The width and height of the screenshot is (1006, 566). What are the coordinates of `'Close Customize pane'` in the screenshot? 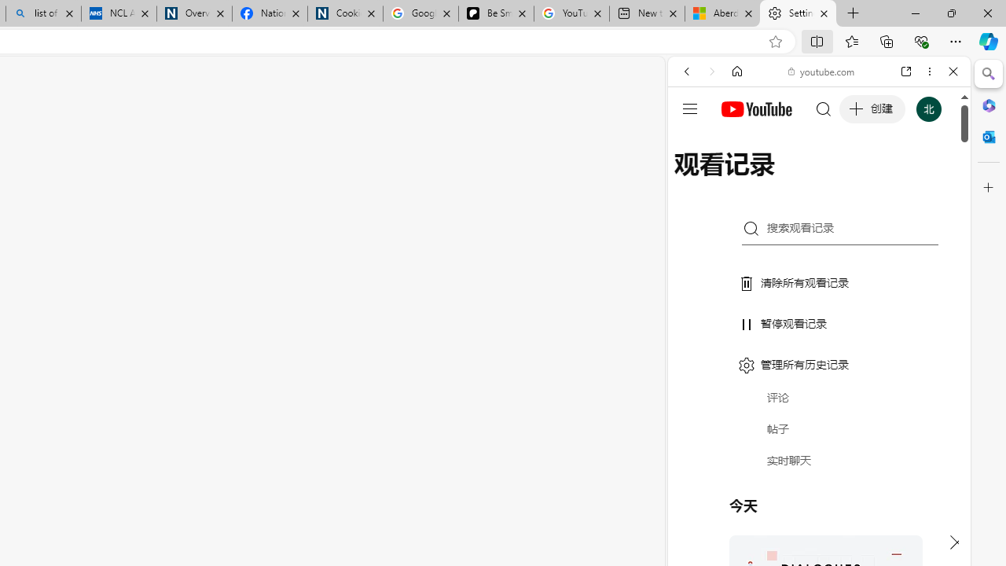 It's located at (988, 187).